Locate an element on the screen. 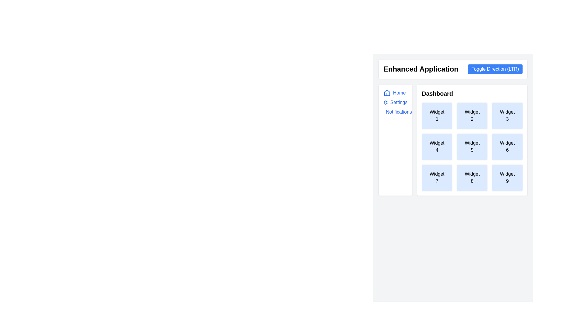 This screenshot has width=573, height=322. the first labeled widget in the 'Dashboard' grid layout located at the top-left corner of the grid is located at coordinates (437, 116).